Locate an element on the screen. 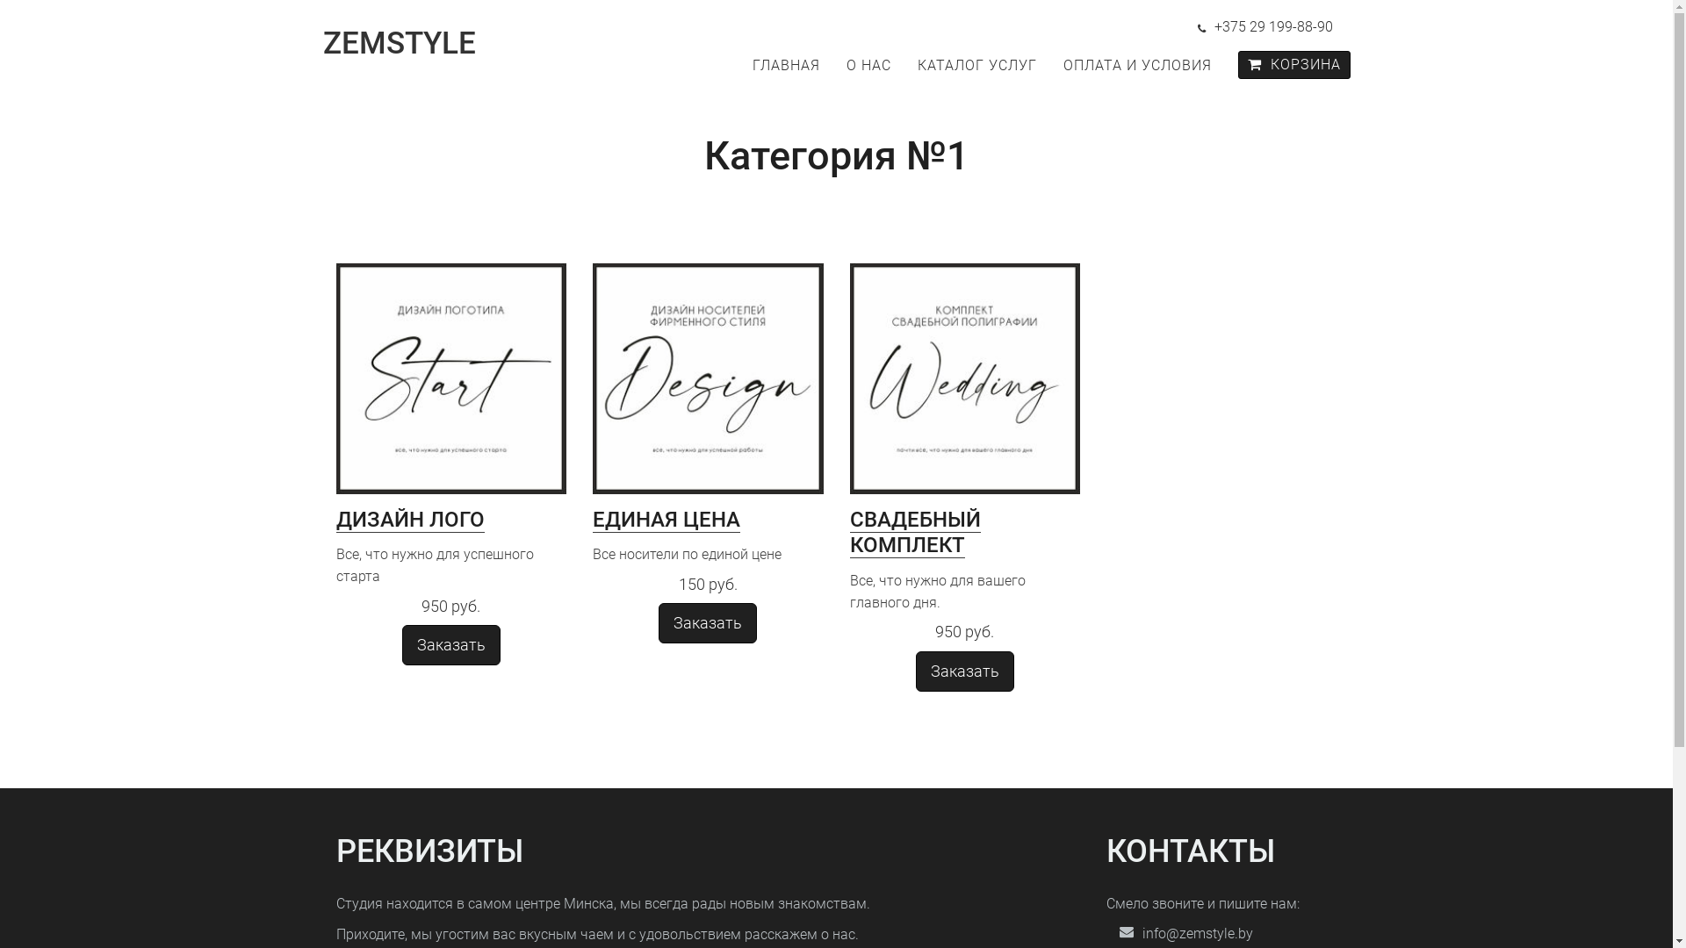  'ZEMSTYLE' is located at coordinates (410, 43).